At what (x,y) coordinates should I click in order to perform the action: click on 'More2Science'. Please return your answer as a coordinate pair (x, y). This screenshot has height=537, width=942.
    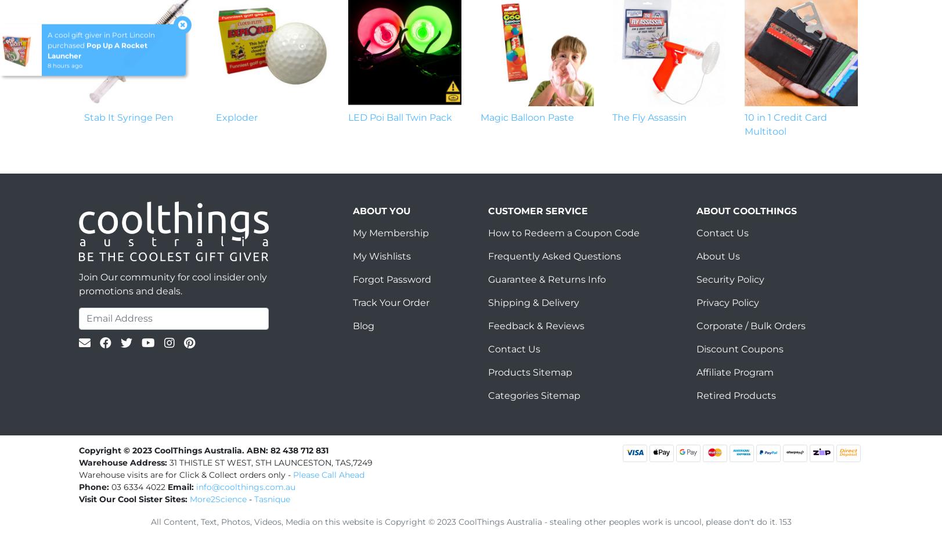
    Looking at the image, I should click on (218, 499).